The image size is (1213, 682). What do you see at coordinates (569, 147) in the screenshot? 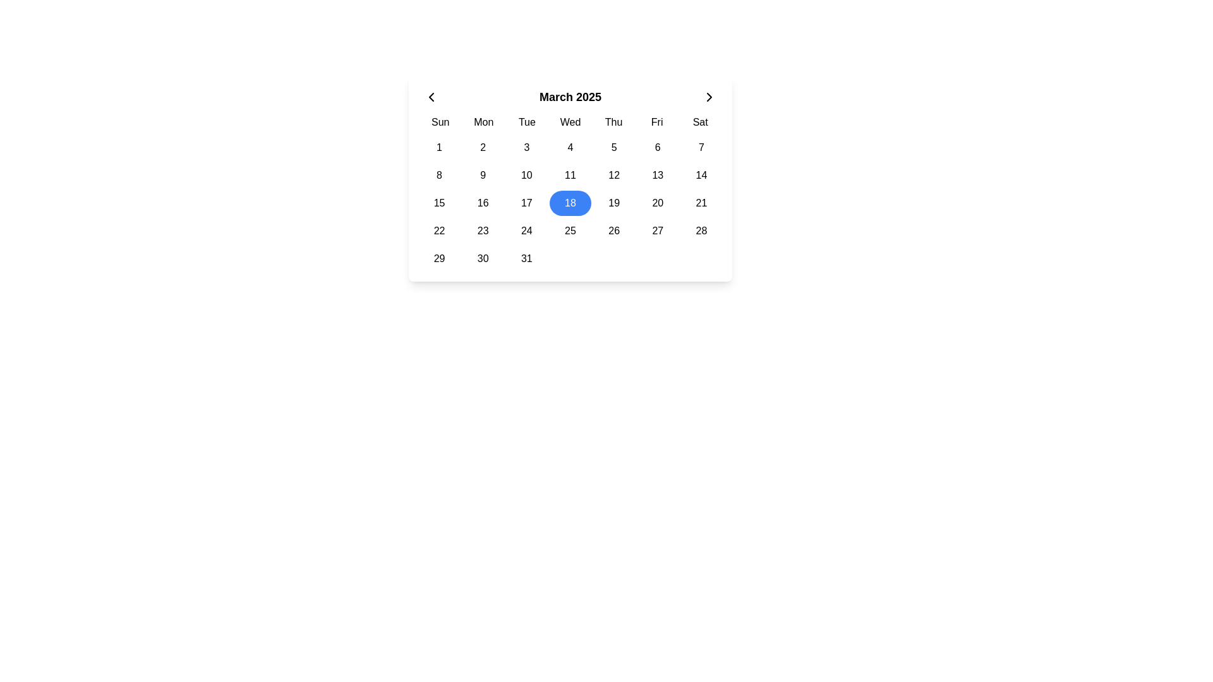
I see `the selectable date button for March 4th in the calendar interface` at bounding box center [569, 147].